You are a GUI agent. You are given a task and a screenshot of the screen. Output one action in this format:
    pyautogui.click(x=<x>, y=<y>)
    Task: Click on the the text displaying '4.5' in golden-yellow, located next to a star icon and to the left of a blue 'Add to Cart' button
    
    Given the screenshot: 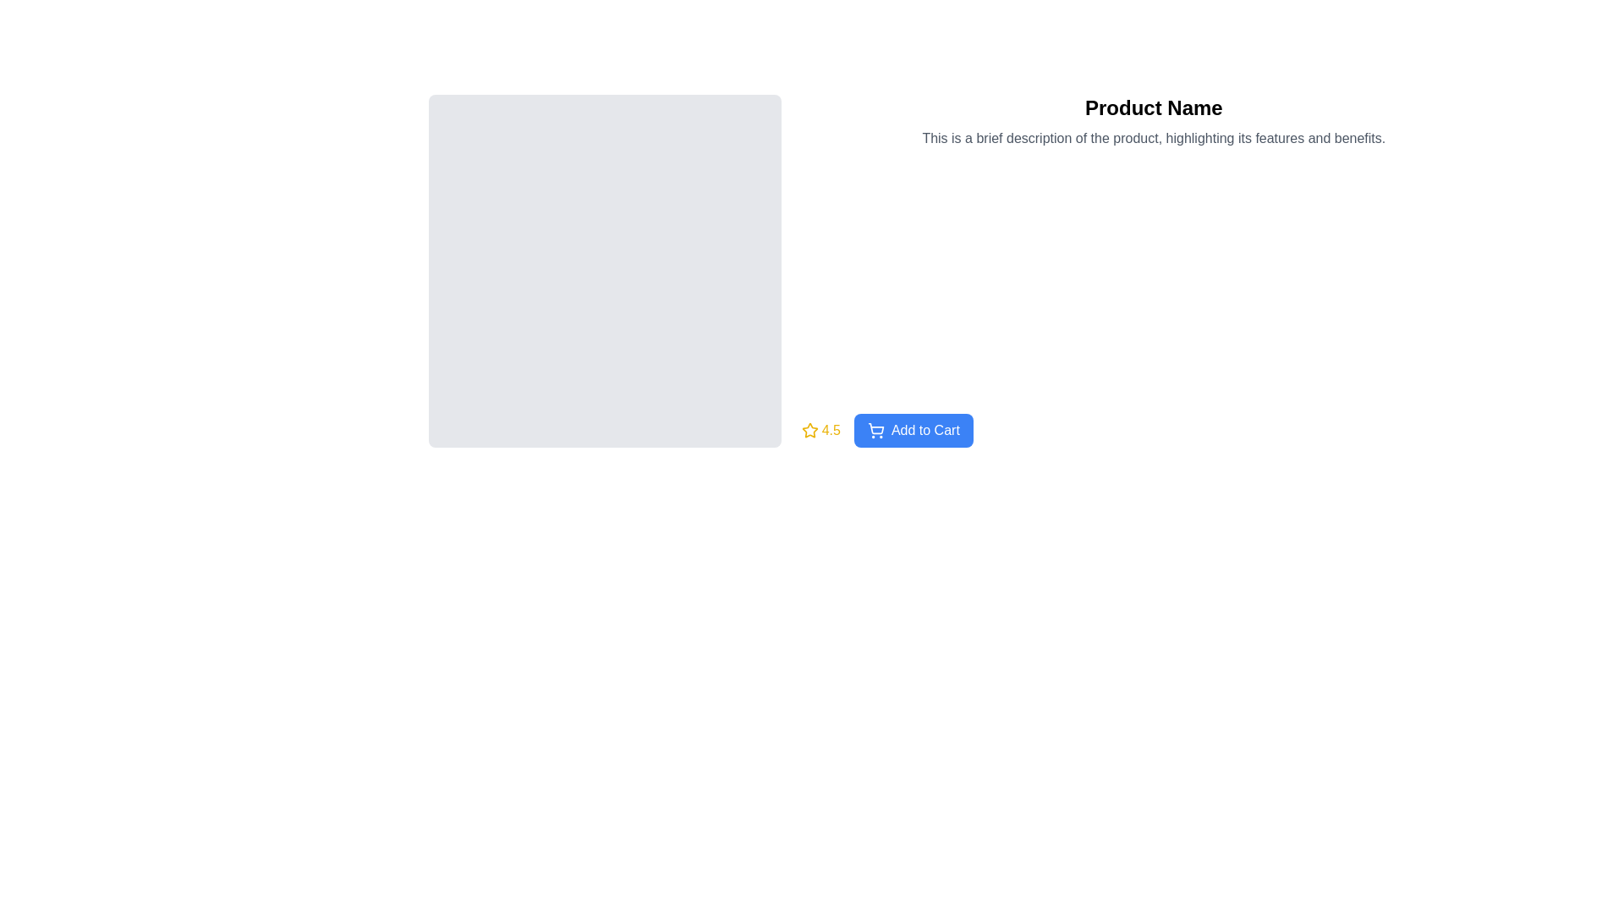 What is the action you would take?
    pyautogui.click(x=831, y=429)
    